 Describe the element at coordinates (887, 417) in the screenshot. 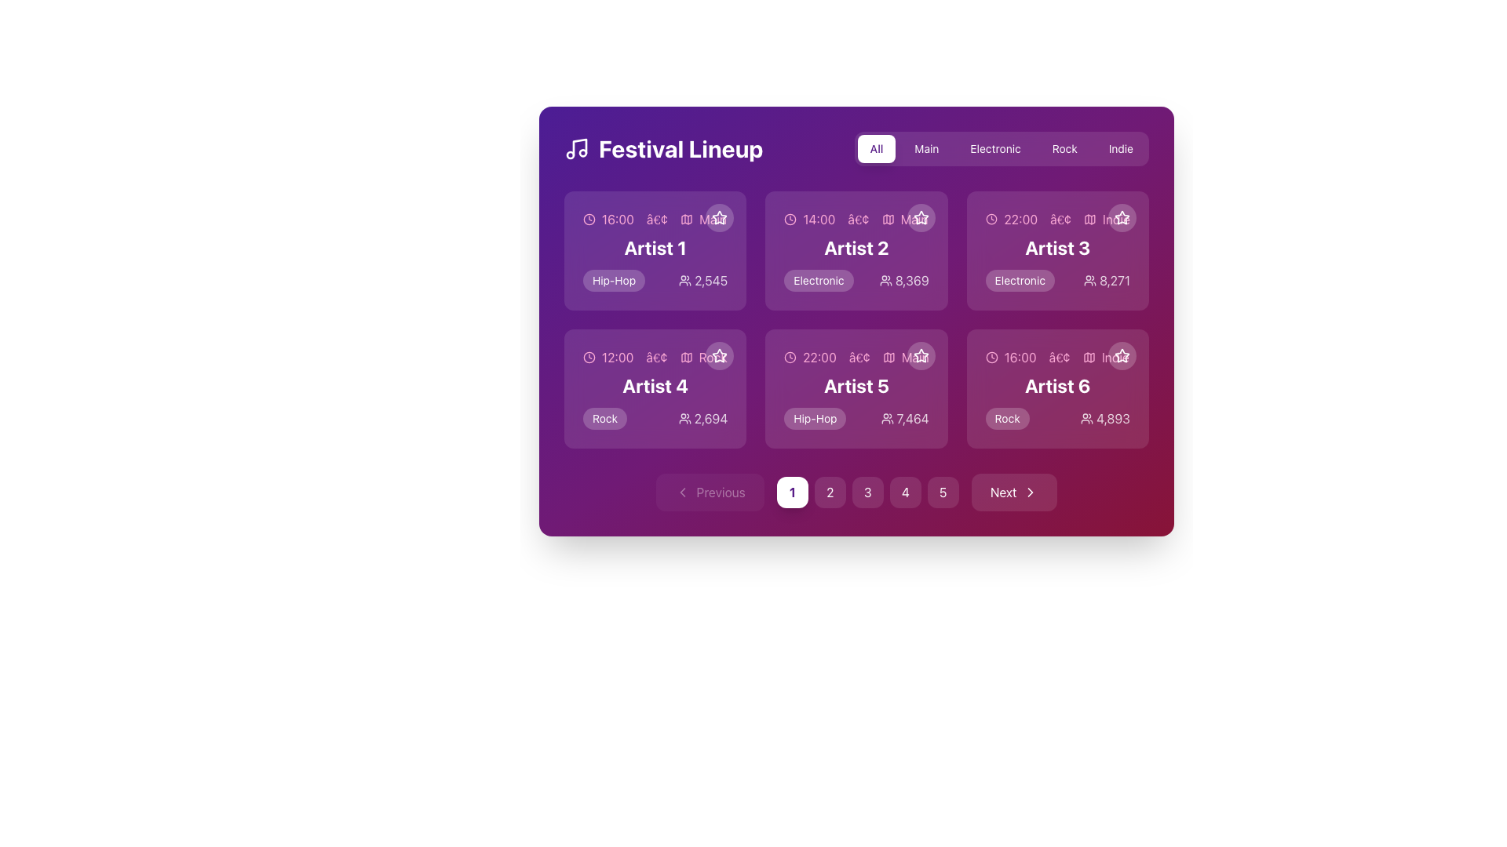

I see `the icon resembling two human figures located to the left of the numerical text '7,464', associated with 'Artist 5'` at that location.